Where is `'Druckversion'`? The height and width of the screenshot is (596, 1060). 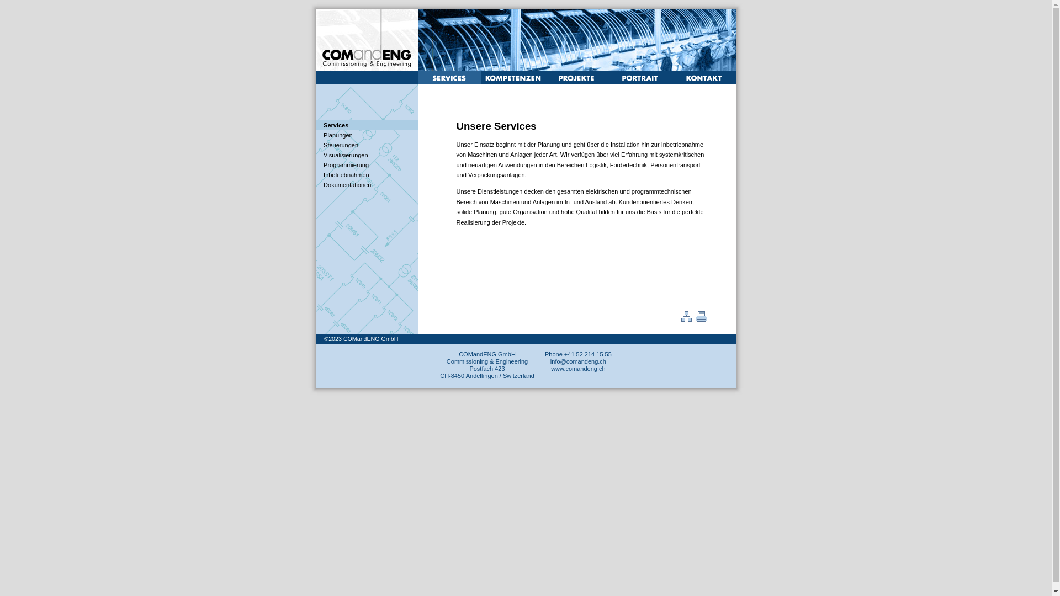 'Druckversion' is located at coordinates (699, 321).